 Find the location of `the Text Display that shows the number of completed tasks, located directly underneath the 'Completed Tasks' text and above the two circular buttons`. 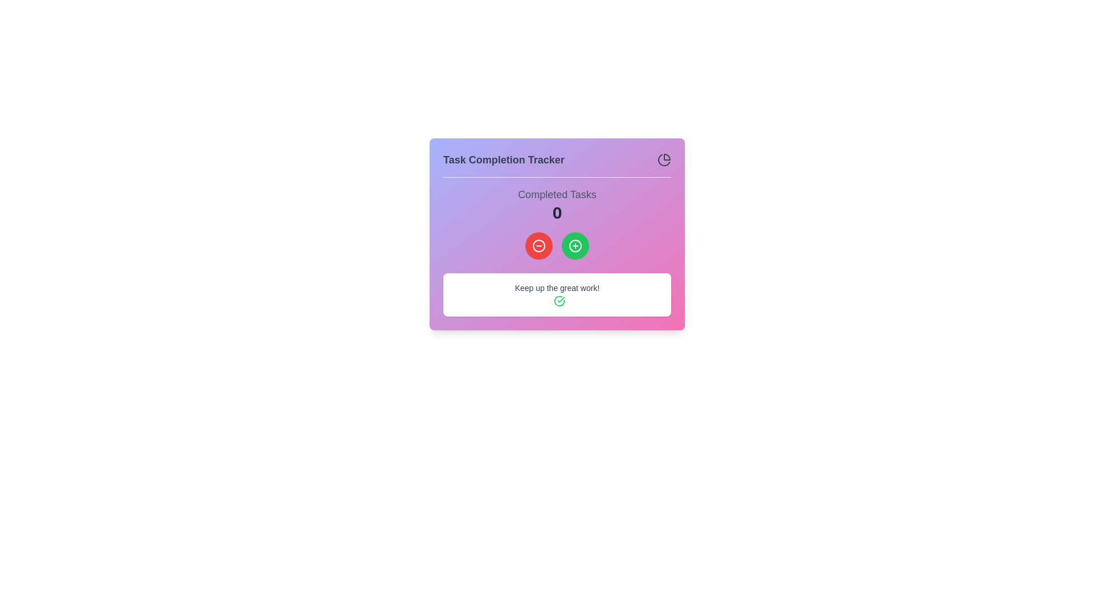

the Text Display that shows the number of completed tasks, located directly underneath the 'Completed Tasks' text and above the two circular buttons is located at coordinates (557, 213).